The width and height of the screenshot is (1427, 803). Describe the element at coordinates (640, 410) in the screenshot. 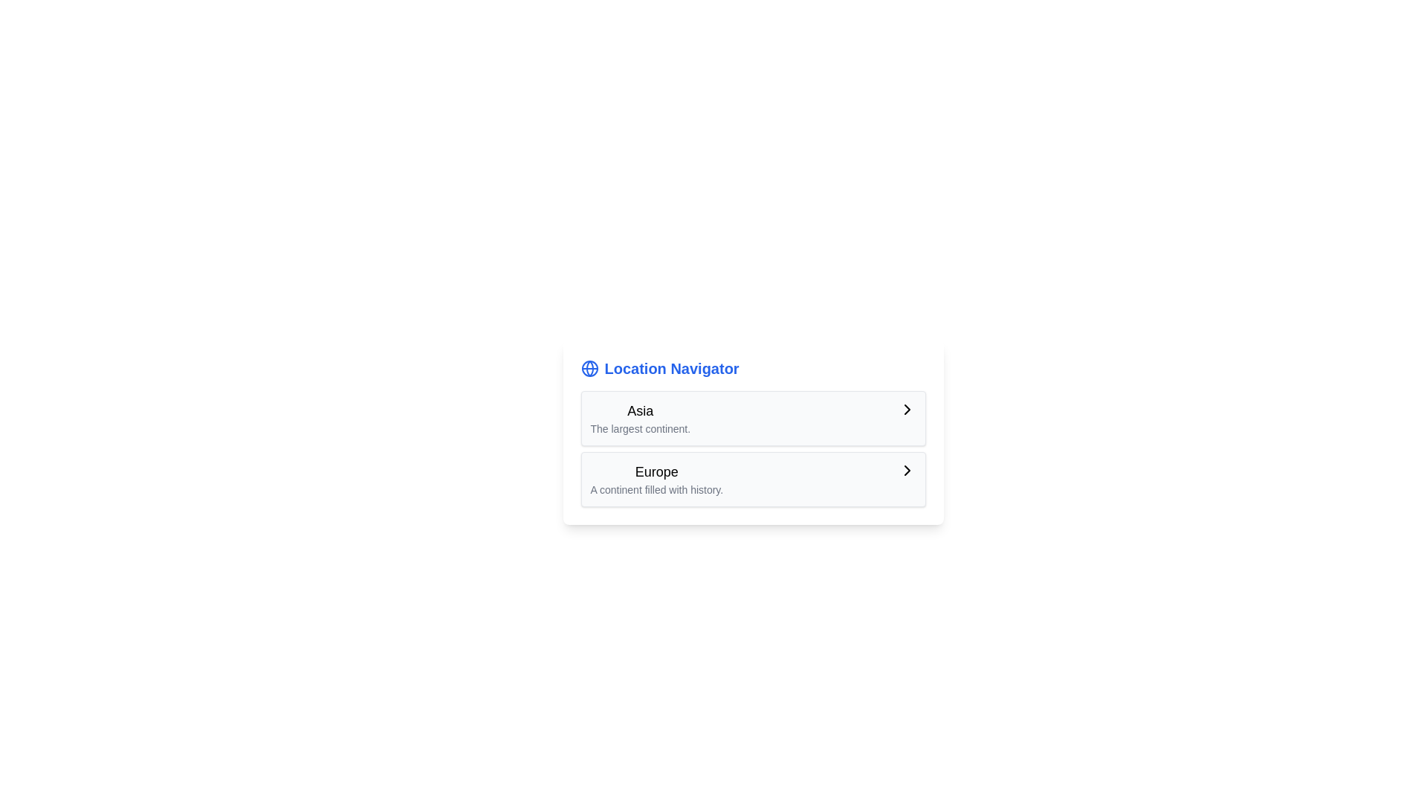

I see `text label displaying the word 'Asia', which is in medium font size, bold, and black, located above the descriptive text 'The largest continent.'` at that location.